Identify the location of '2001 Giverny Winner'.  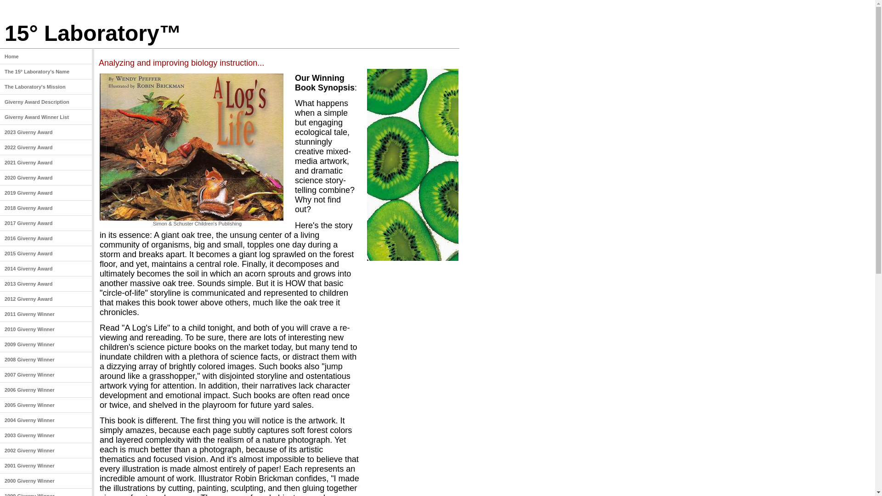
(45, 466).